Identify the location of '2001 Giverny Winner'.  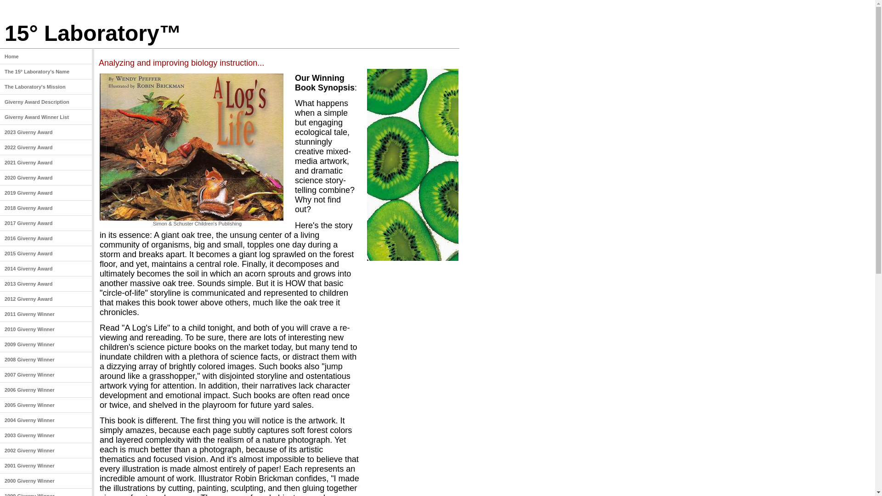
(45, 466).